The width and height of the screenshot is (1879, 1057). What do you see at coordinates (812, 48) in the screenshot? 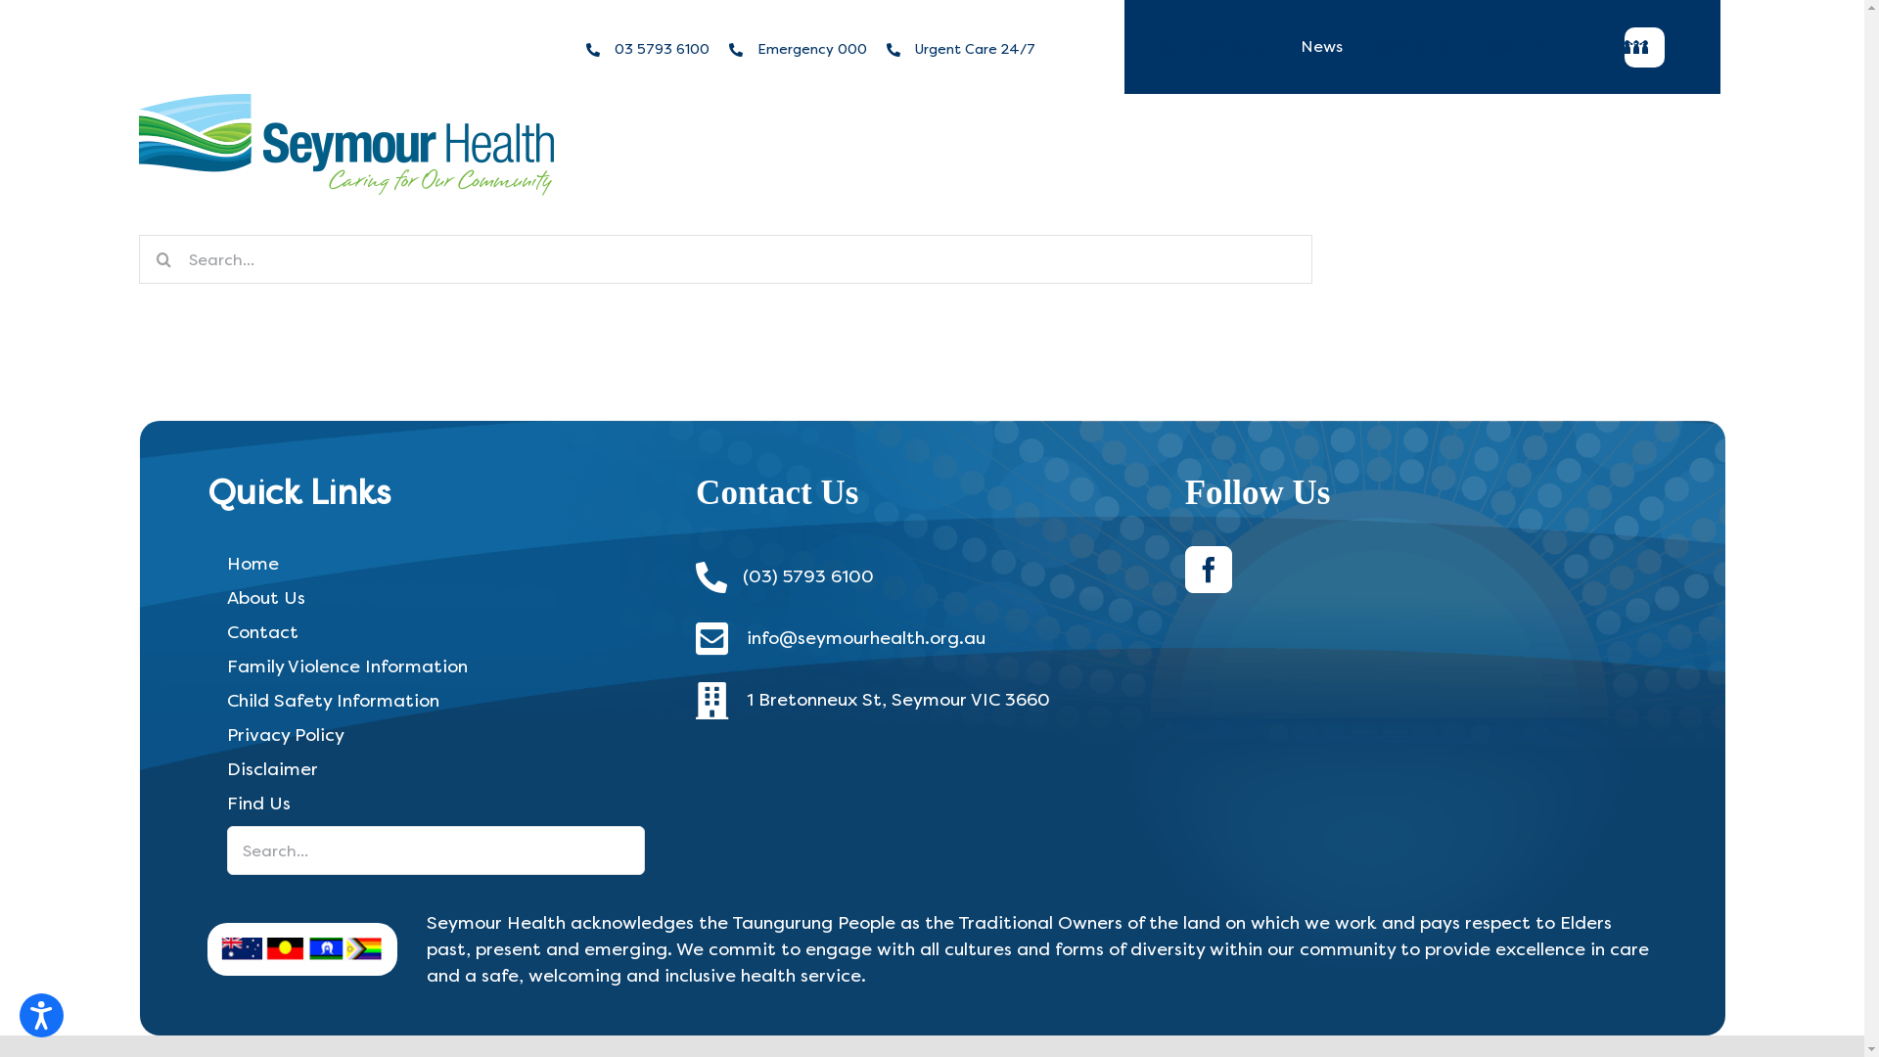
I see `'Emergency 000'` at bounding box center [812, 48].